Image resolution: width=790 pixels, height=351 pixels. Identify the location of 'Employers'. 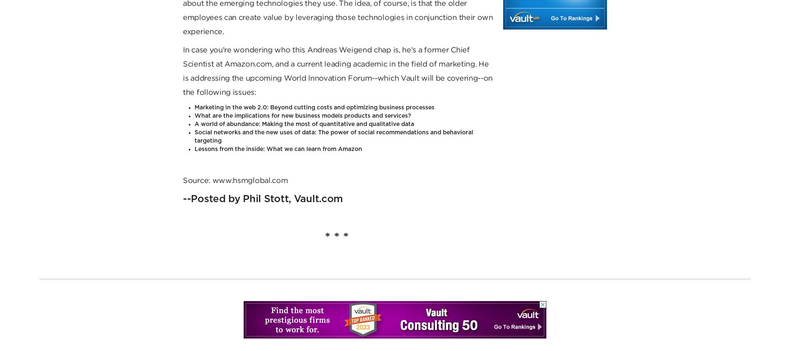
(225, 56).